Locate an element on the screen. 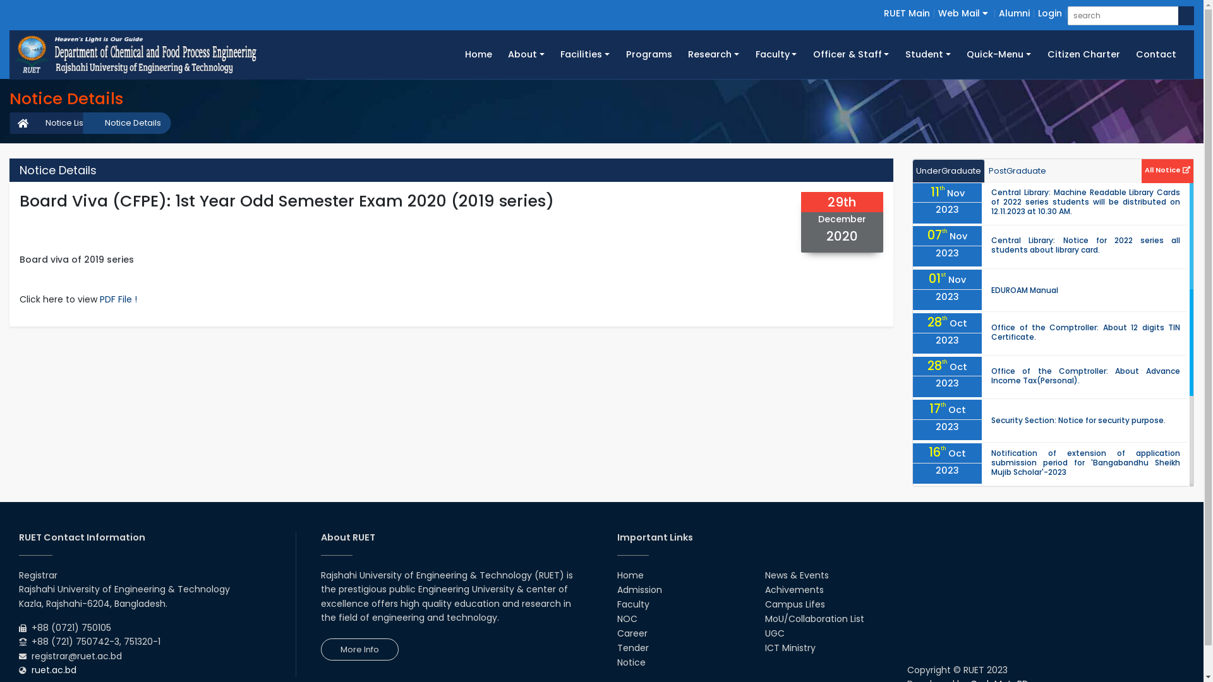  'PostGraduate' is located at coordinates (1017, 171).